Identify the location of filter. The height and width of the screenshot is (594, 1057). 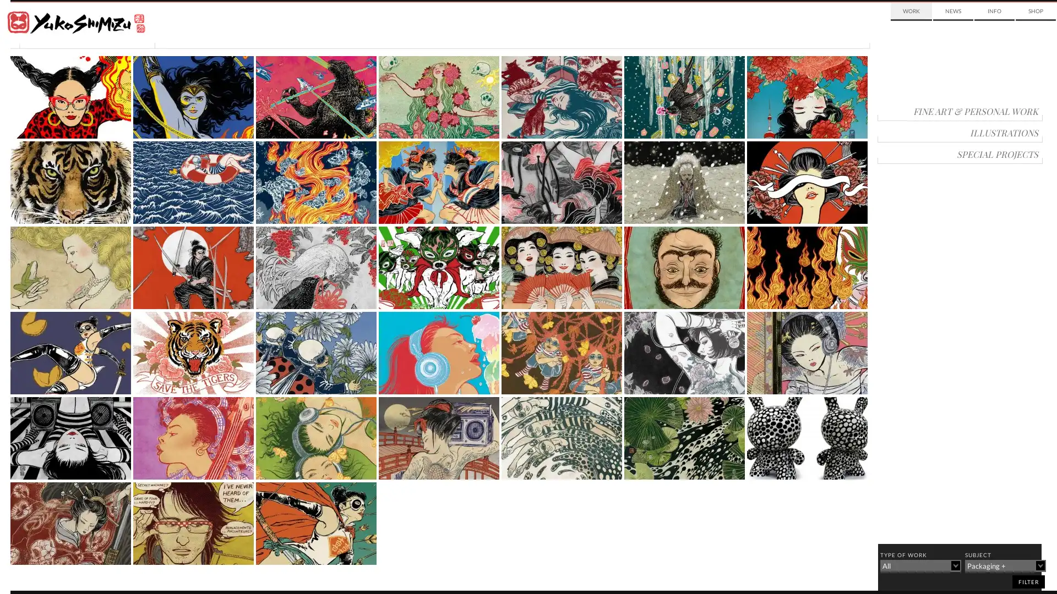
(1028, 580).